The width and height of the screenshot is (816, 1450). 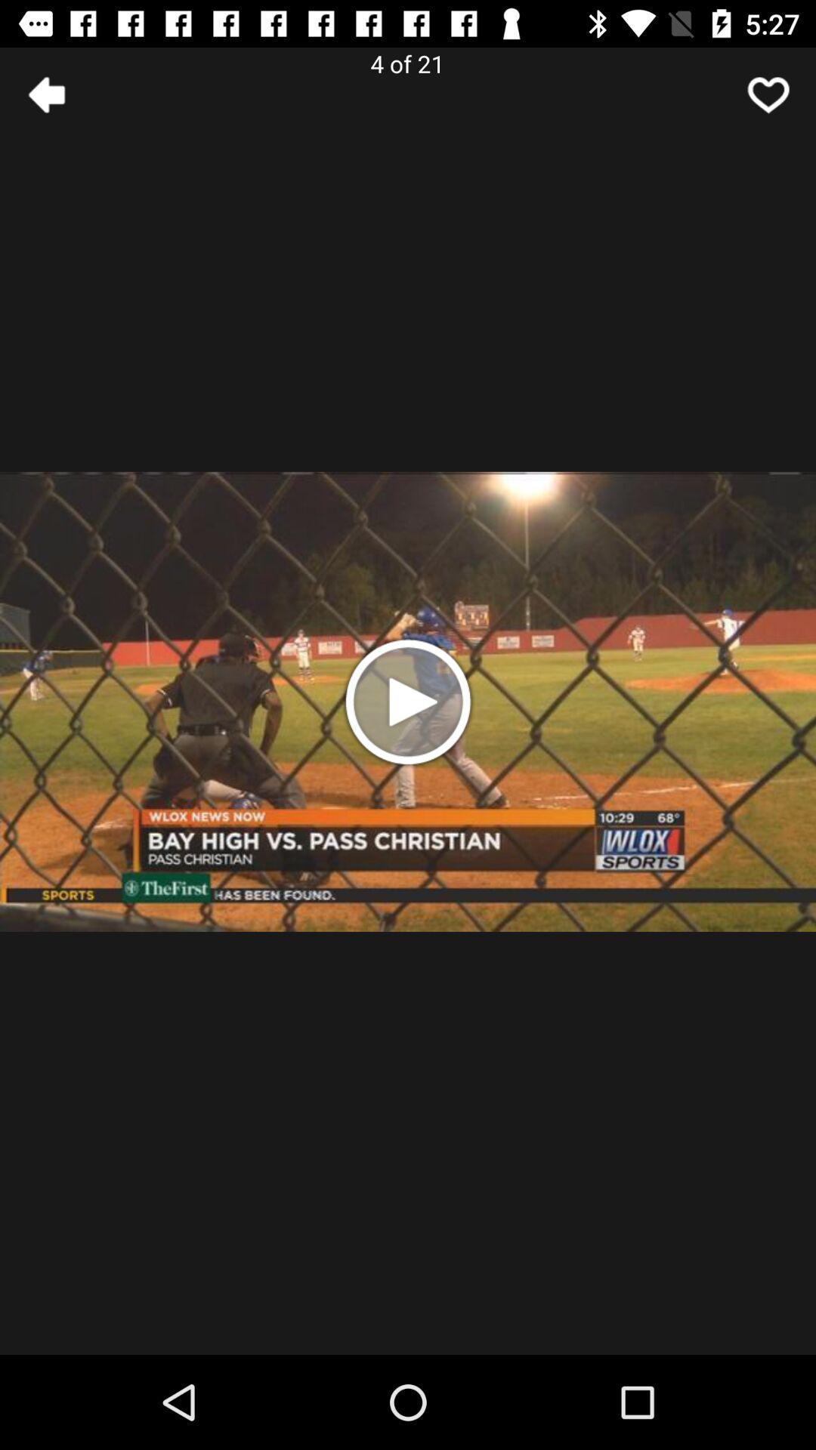 What do you see at coordinates (768, 94) in the screenshot?
I see `love` at bounding box center [768, 94].